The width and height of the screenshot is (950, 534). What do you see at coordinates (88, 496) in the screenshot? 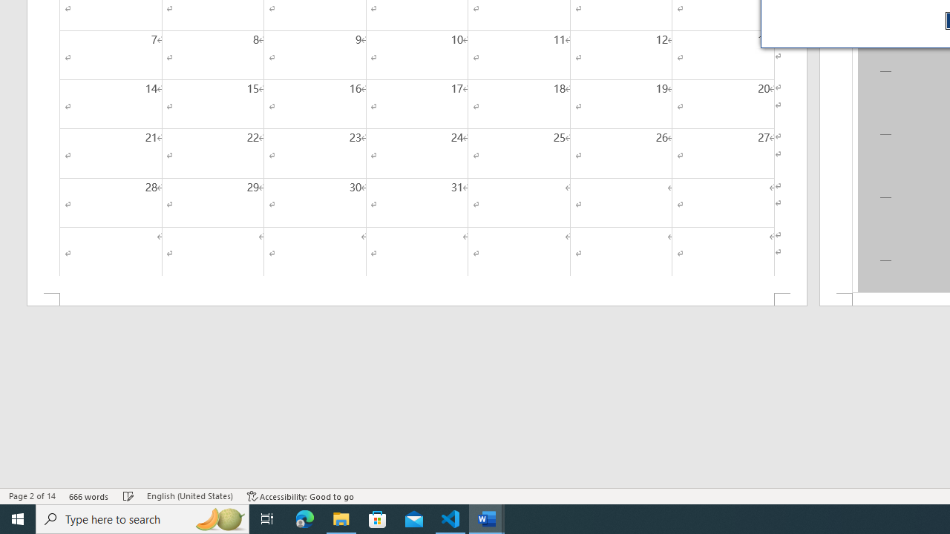
I see `'Word Count 666 words'` at bounding box center [88, 496].